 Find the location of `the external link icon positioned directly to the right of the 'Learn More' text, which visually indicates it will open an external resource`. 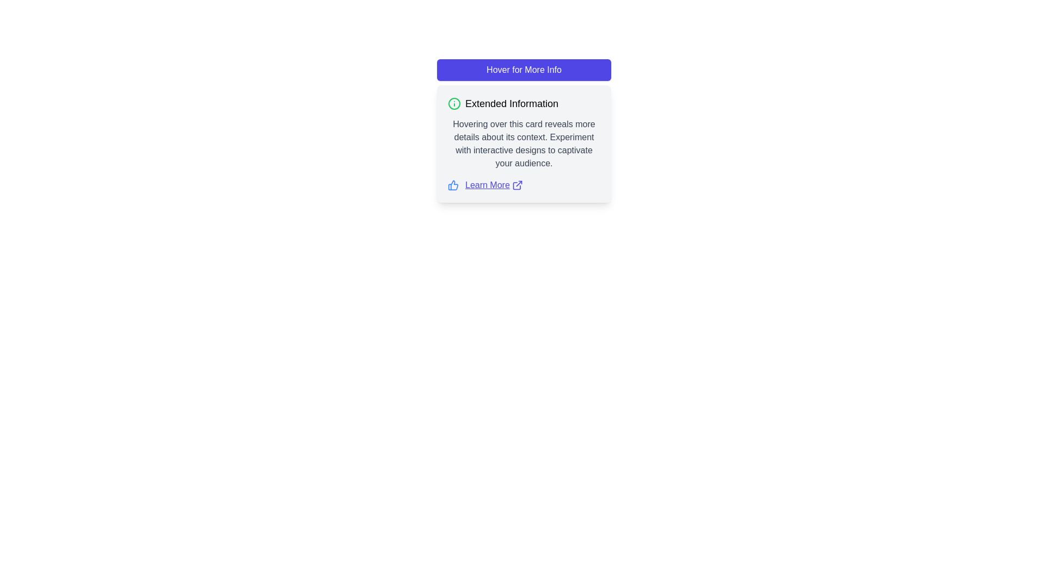

the external link icon positioned directly to the right of the 'Learn More' text, which visually indicates it will open an external resource is located at coordinates (517, 184).